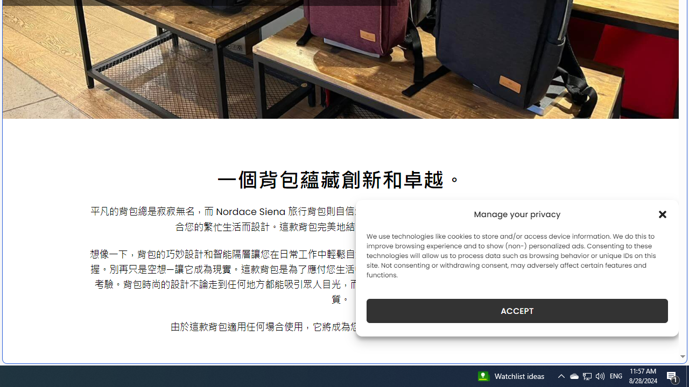 This screenshot has width=689, height=387. What do you see at coordinates (662, 214) in the screenshot?
I see `'Class: cmplz-close'` at bounding box center [662, 214].